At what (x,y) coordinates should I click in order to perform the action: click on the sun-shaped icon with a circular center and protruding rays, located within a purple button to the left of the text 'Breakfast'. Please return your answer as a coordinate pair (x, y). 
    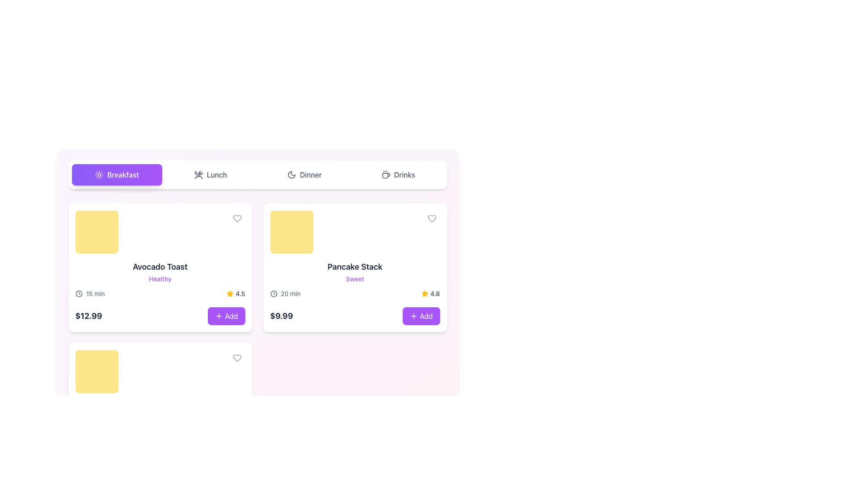
    Looking at the image, I should click on (99, 174).